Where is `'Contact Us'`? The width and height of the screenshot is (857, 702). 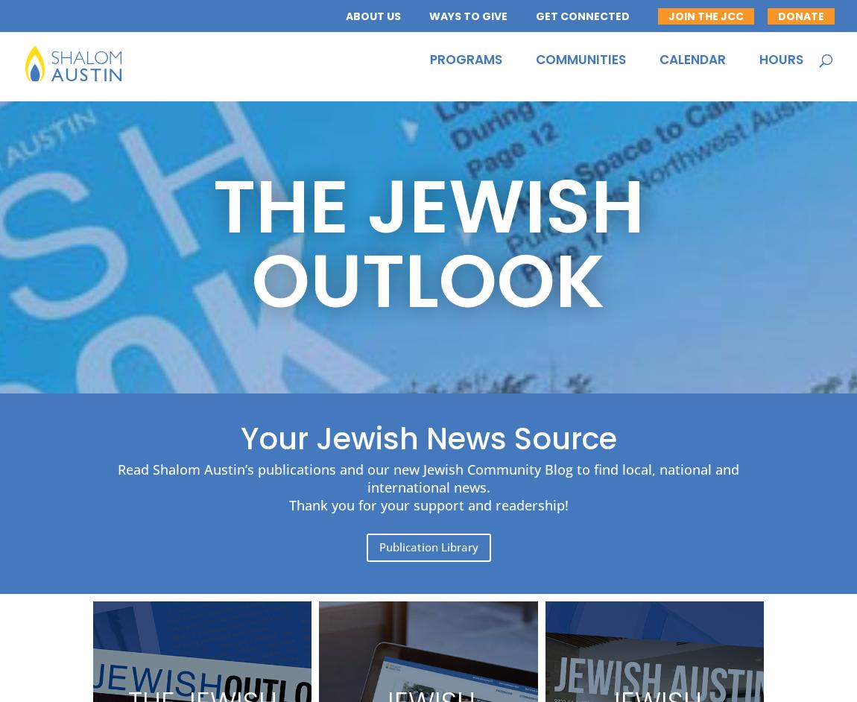 'Contact Us' is located at coordinates (352, 258).